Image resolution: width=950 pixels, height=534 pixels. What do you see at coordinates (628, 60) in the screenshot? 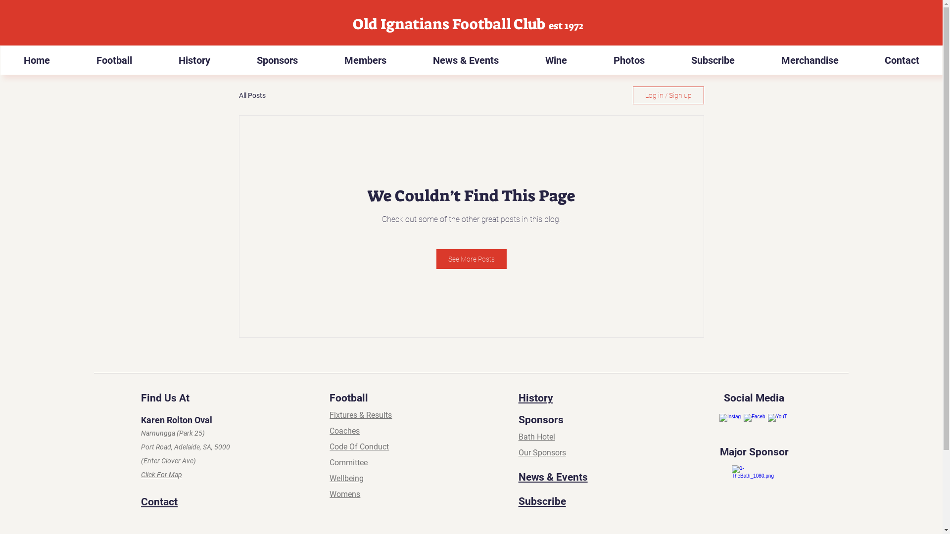
I see `'Photos'` at bounding box center [628, 60].